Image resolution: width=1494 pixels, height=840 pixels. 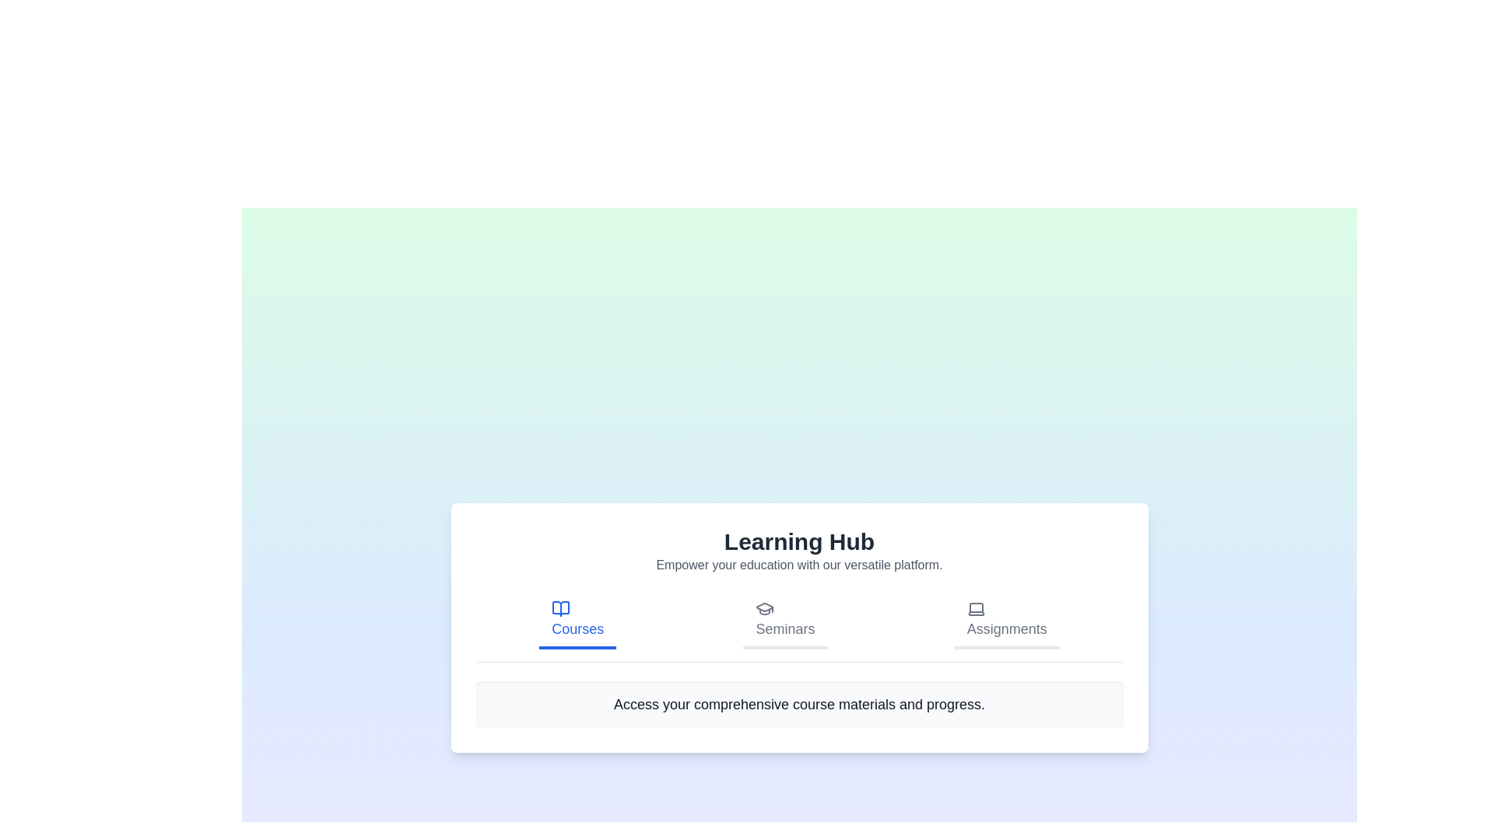 What do you see at coordinates (577, 628) in the screenshot?
I see `the 'Courses' text label in the upper left portion of the menu, which signifies the navigational section and may indicate its active state` at bounding box center [577, 628].